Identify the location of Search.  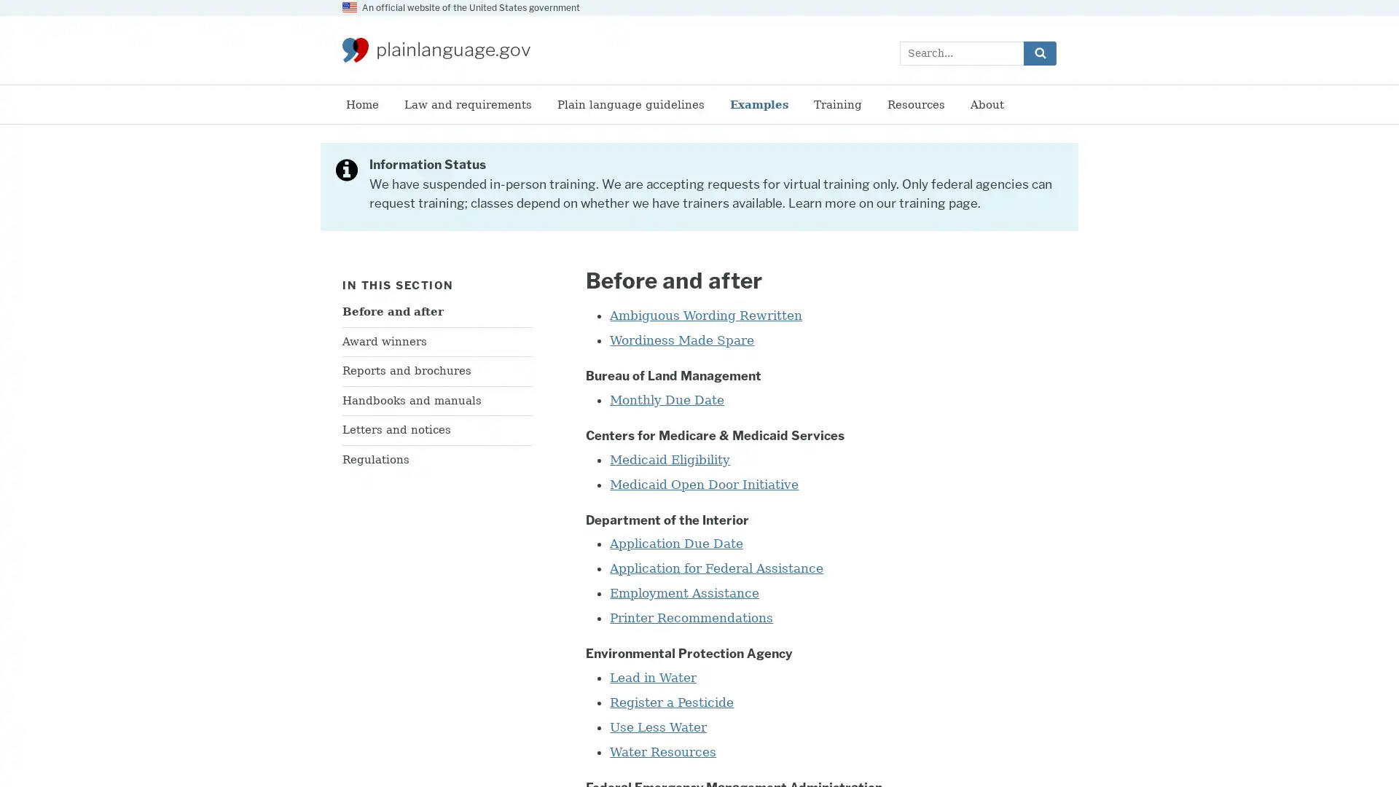
(1039, 52).